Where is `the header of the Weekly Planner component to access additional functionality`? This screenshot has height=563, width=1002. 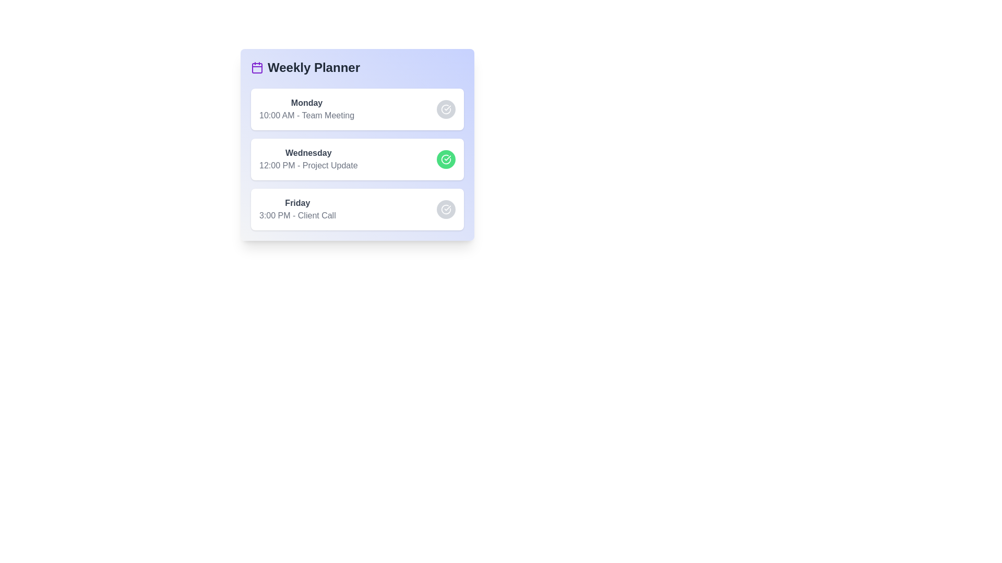 the header of the Weekly Planner component to access additional functionality is located at coordinates (357, 68).